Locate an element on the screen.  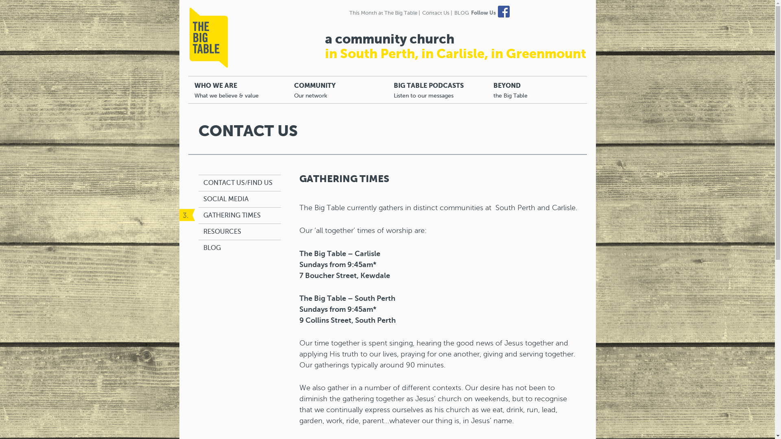
'BIG TABLE PODCASTS is located at coordinates (436, 89).